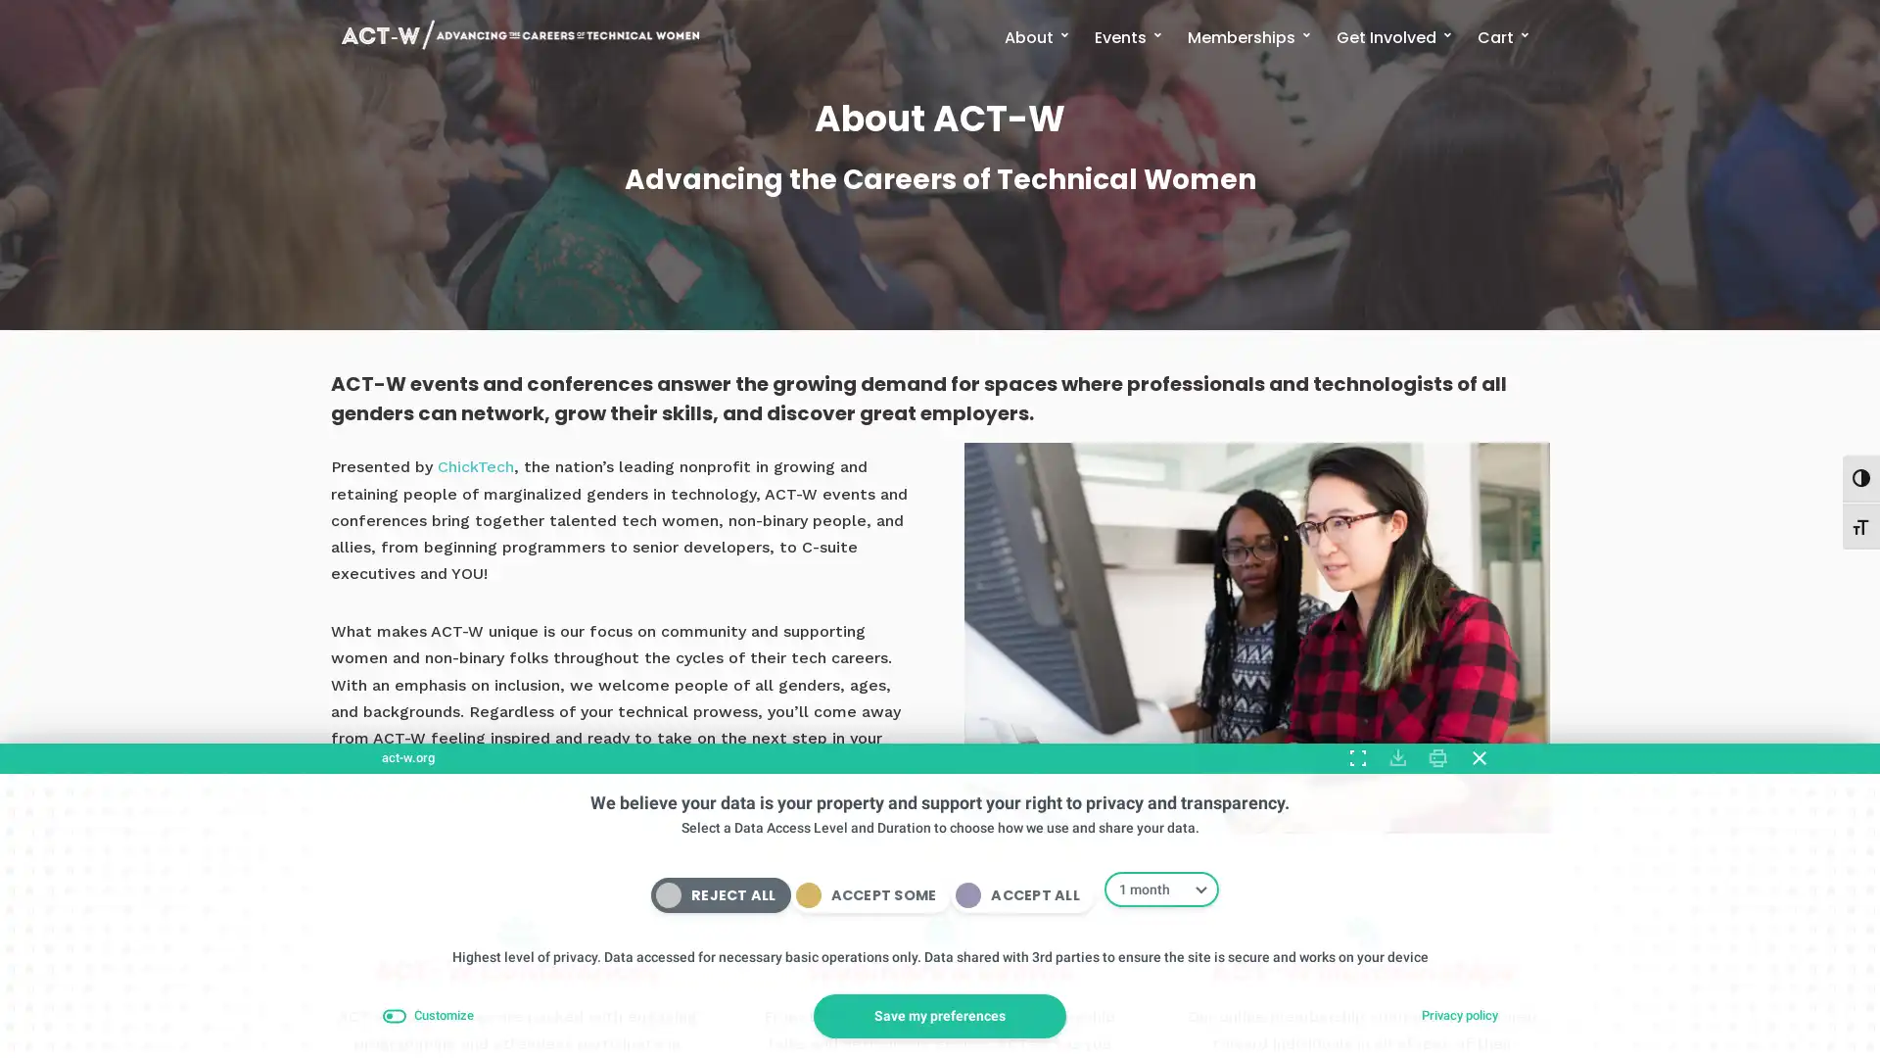  Describe the element at coordinates (426, 1015) in the screenshot. I see `Customize` at that location.